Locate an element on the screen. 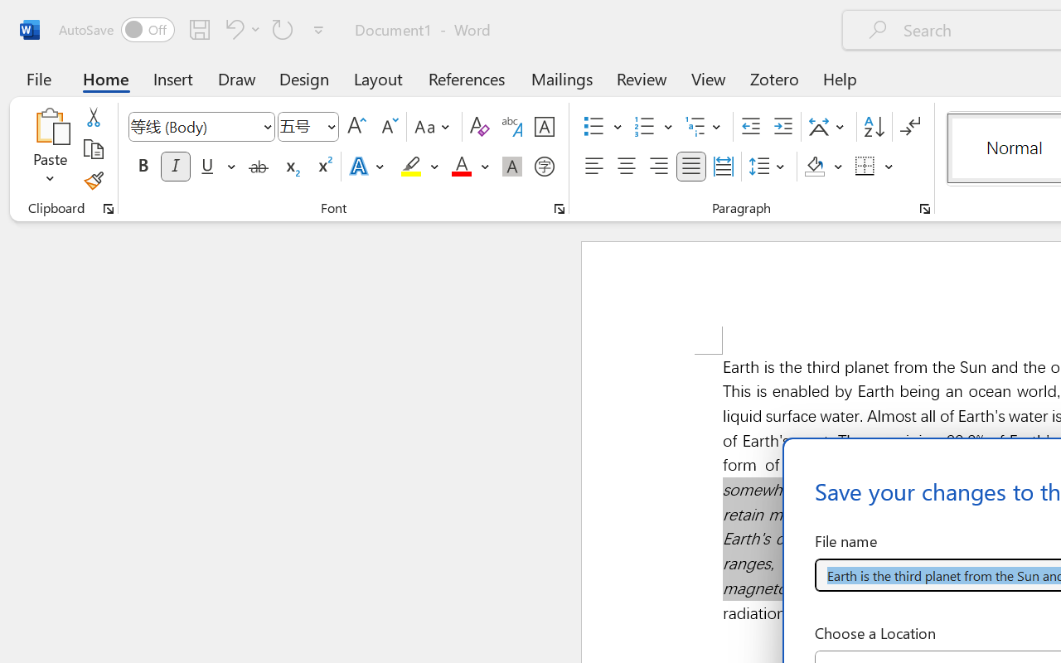  'Multilevel List' is located at coordinates (705, 127).